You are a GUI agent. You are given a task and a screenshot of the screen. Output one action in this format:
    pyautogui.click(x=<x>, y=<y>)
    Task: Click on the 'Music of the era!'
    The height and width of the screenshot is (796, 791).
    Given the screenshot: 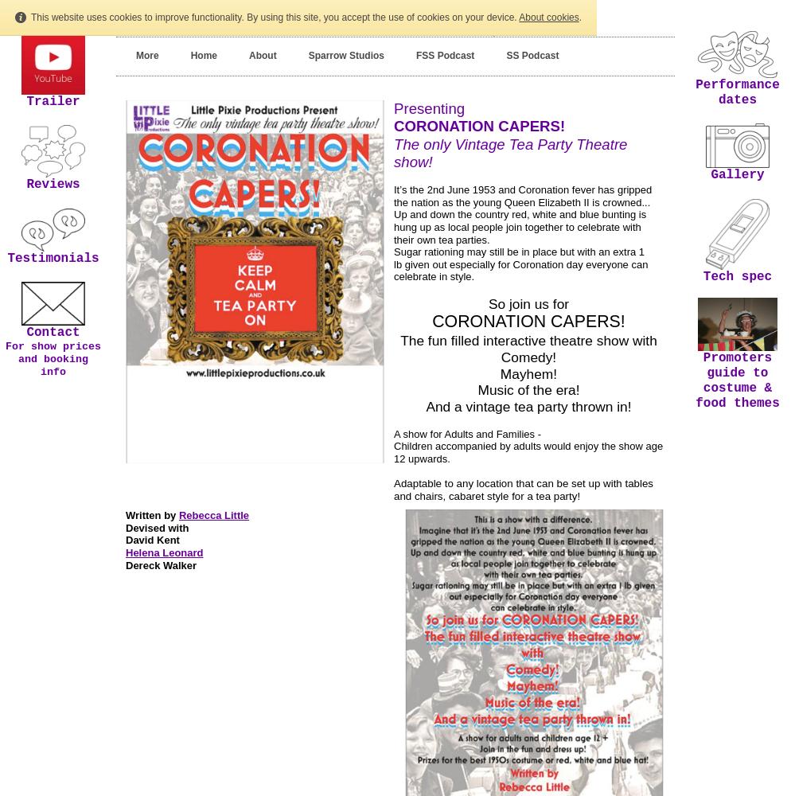 What is the action you would take?
    pyautogui.click(x=477, y=389)
    